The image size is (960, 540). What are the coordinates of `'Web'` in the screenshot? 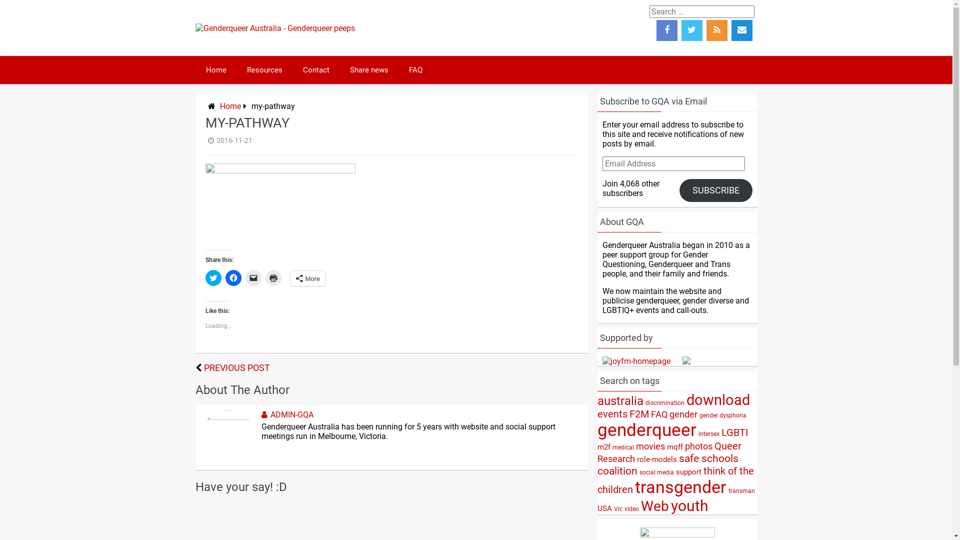 It's located at (655, 506).